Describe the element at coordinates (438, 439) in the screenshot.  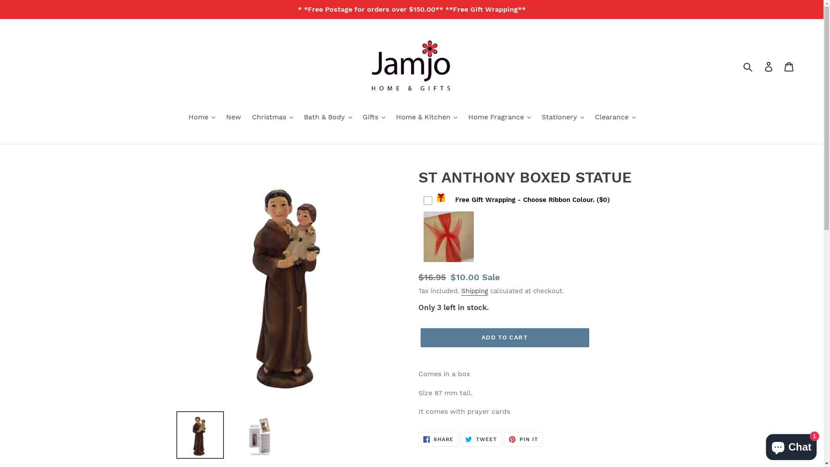
I see `'SHARE` at that location.